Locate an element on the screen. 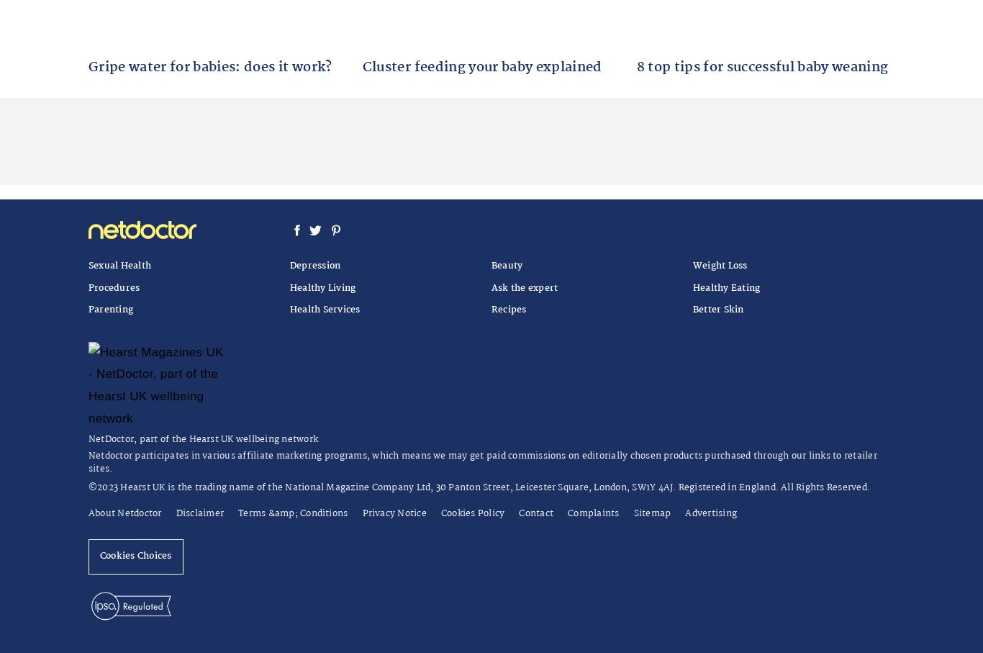  'Ask the expert' is located at coordinates (525, 287).